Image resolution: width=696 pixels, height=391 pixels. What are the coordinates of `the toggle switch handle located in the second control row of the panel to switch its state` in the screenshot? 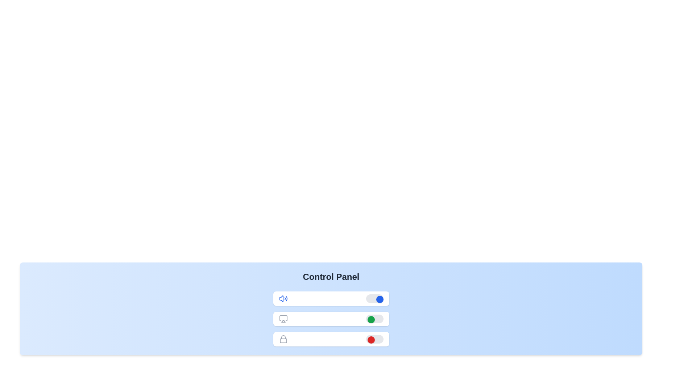 It's located at (374, 318).